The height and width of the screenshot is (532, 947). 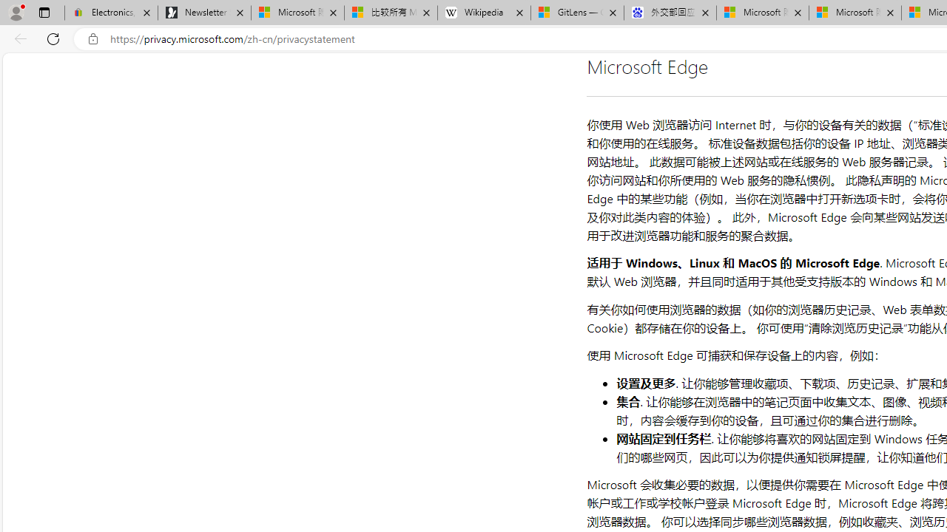 I want to click on 'Refresh', so click(x=53, y=38).